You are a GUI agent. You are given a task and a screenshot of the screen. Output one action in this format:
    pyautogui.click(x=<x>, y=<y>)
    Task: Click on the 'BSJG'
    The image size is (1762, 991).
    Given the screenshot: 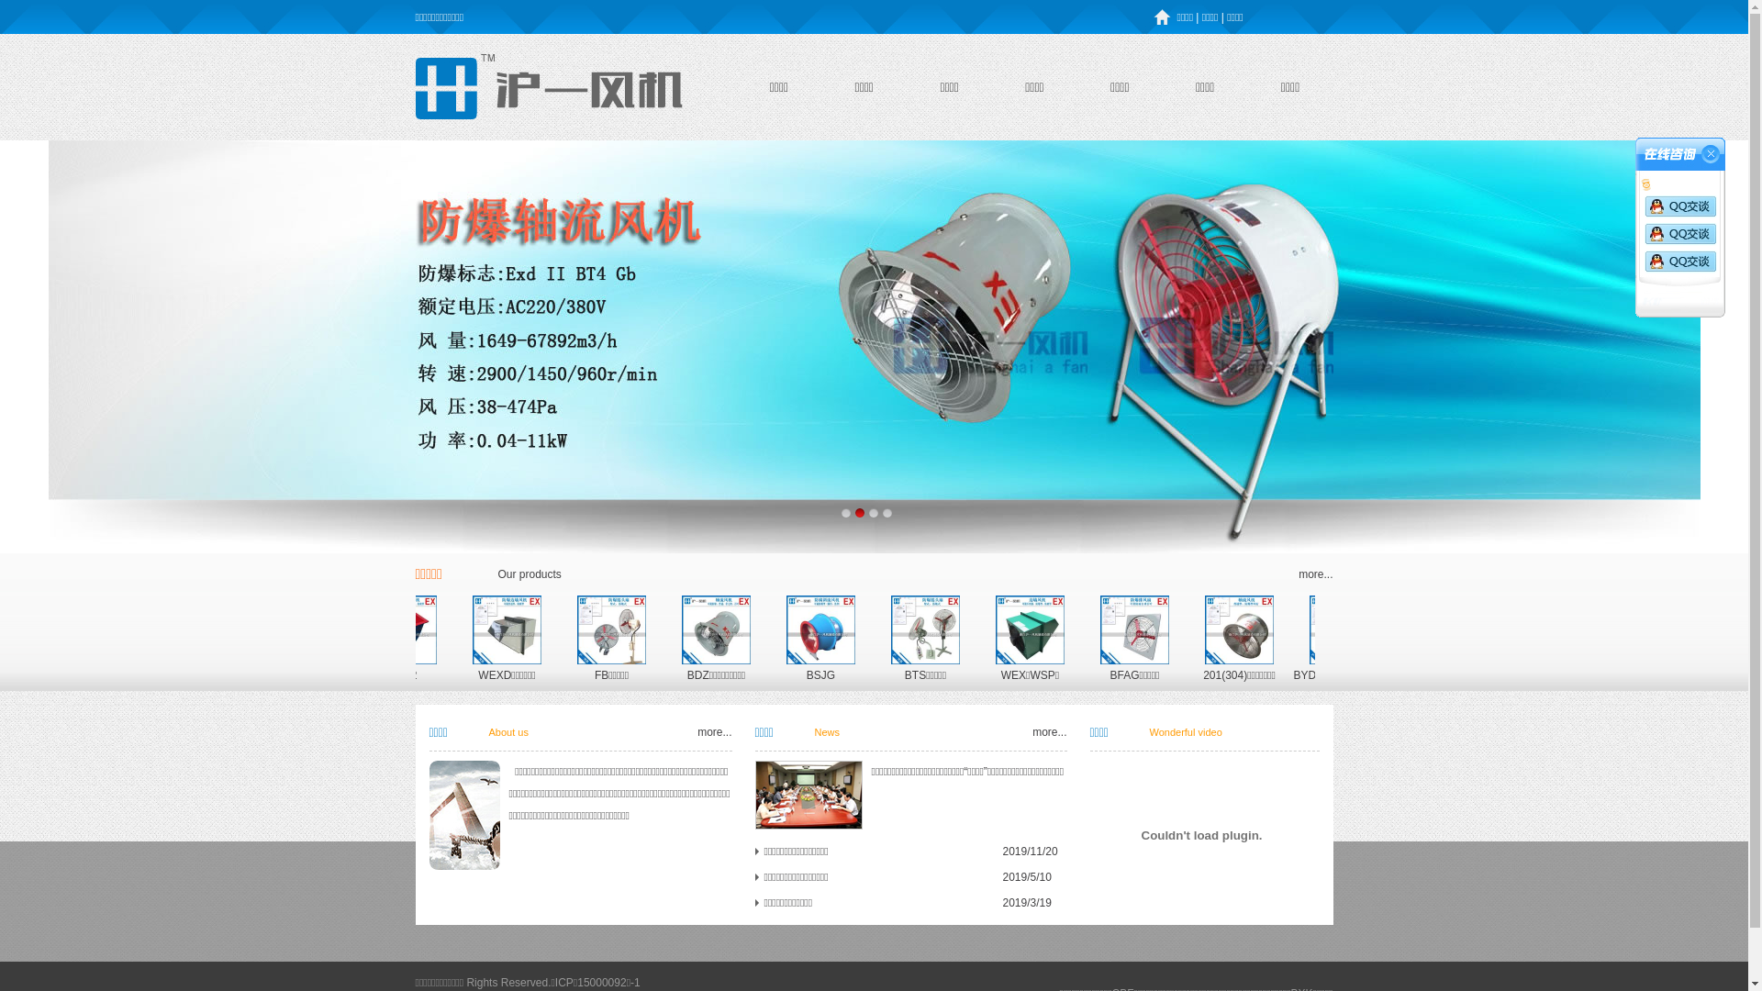 What is the action you would take?
    pyautogui.click(x=1041, y=675)
    